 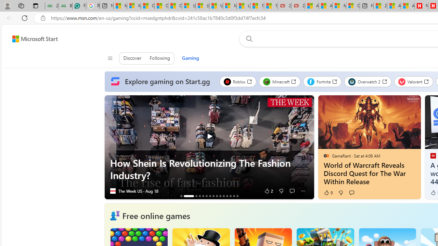 I want to click on 'AutomationID: casualCarouselIcon', so click(x=115, y=216).